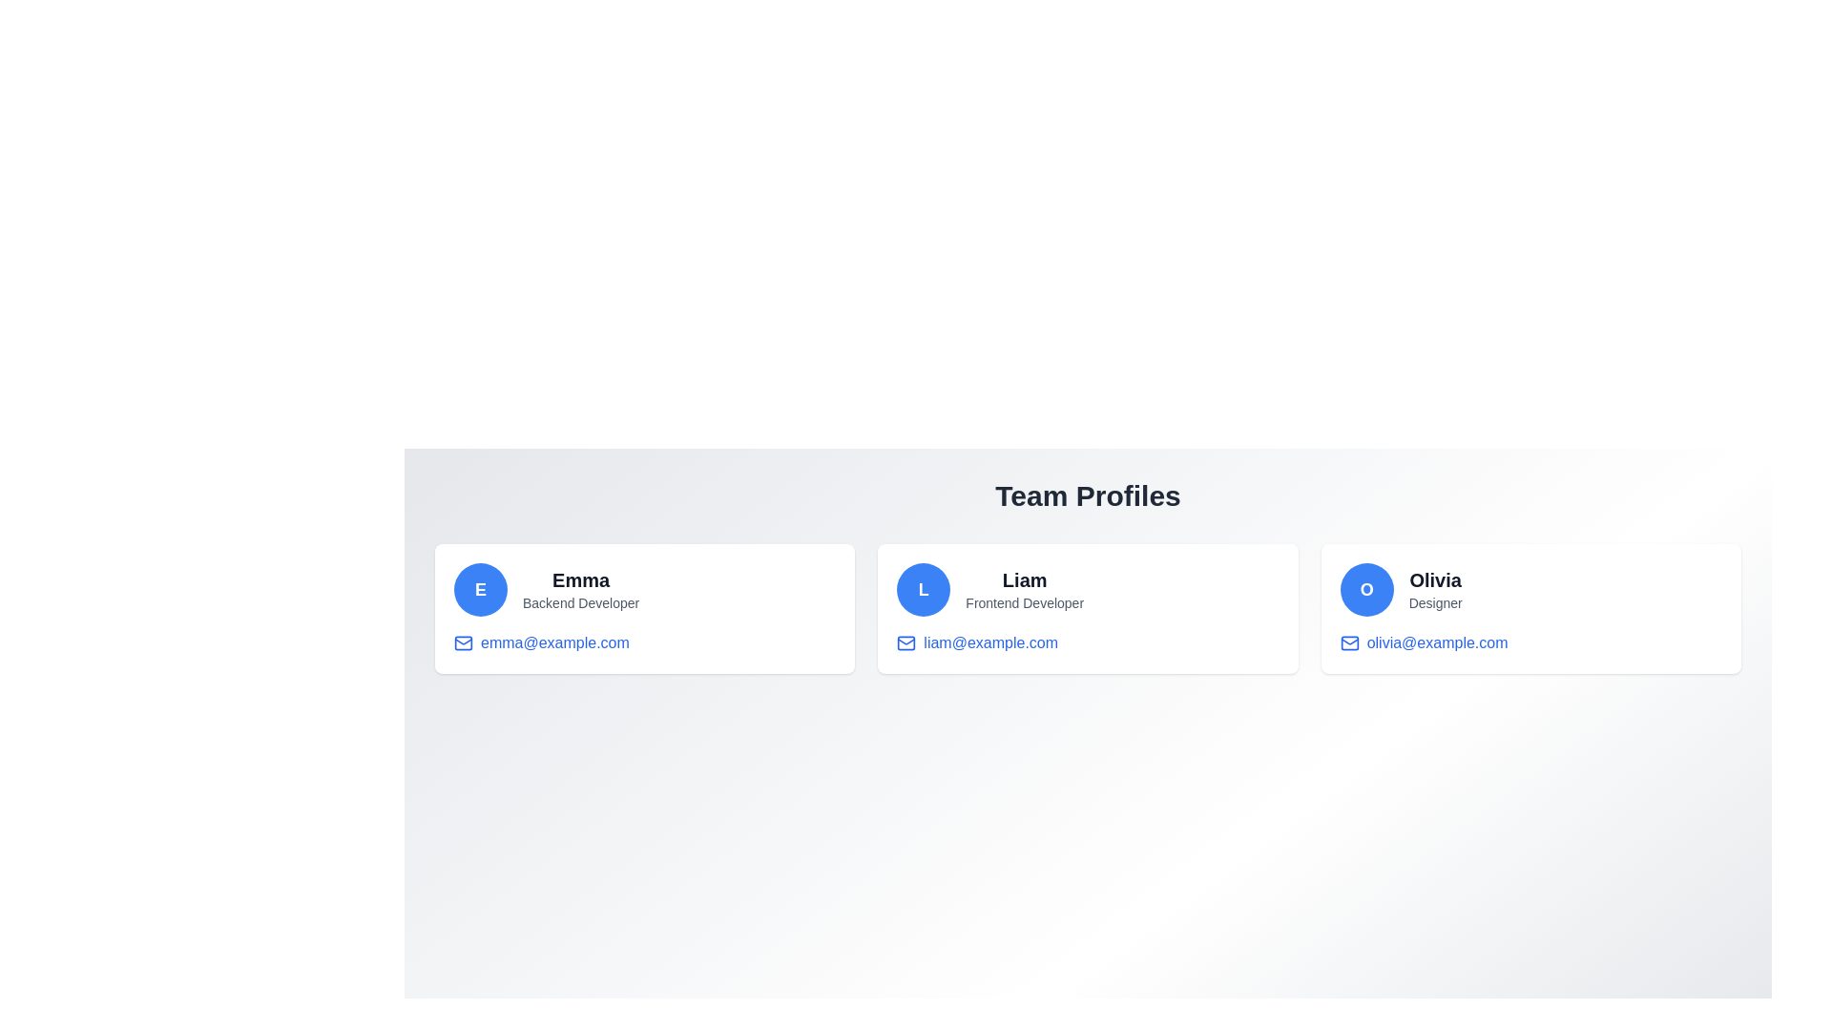 Image resolution: width=1832 pixels, height=1031 pixels. Describe the element at coordinates (1437, 643) in the screenshot. I see `the email address of team member Olivia, displayed below her name and role` at that location.